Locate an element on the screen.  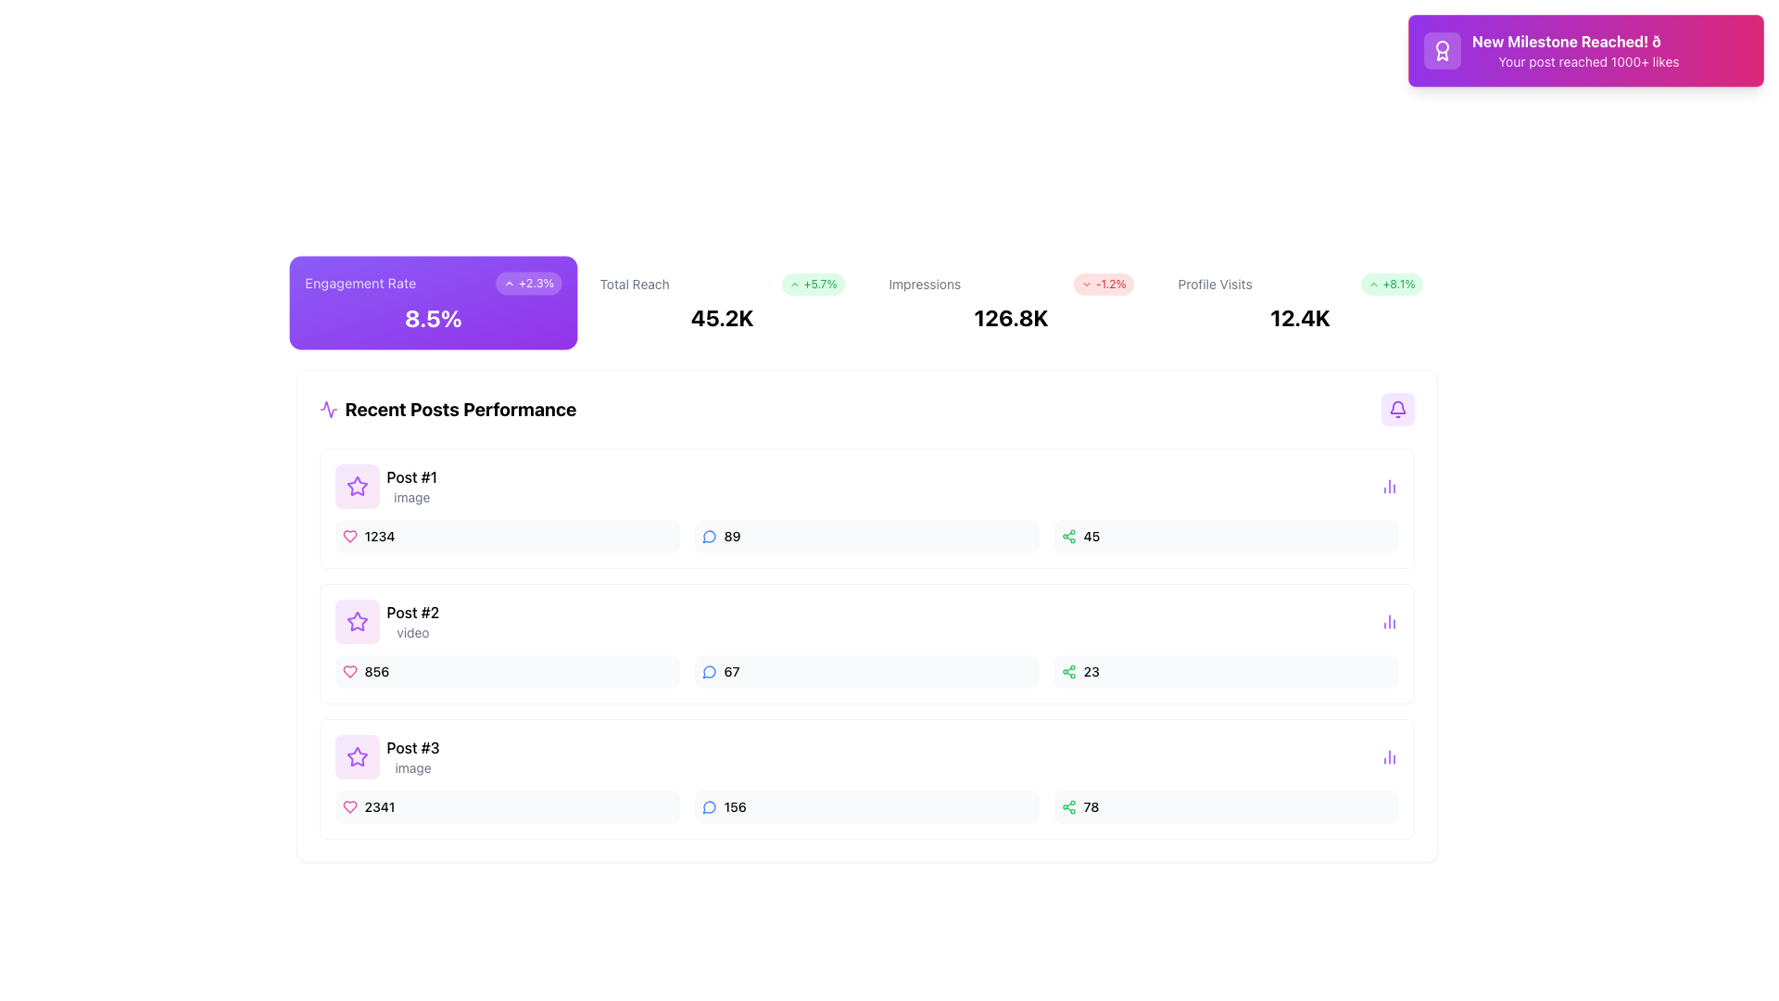
the purple notification bell icon button located at the top-right corner of the 'Recent Posts Performance' section to interact with notifications is located at coordinates (1397, 409).